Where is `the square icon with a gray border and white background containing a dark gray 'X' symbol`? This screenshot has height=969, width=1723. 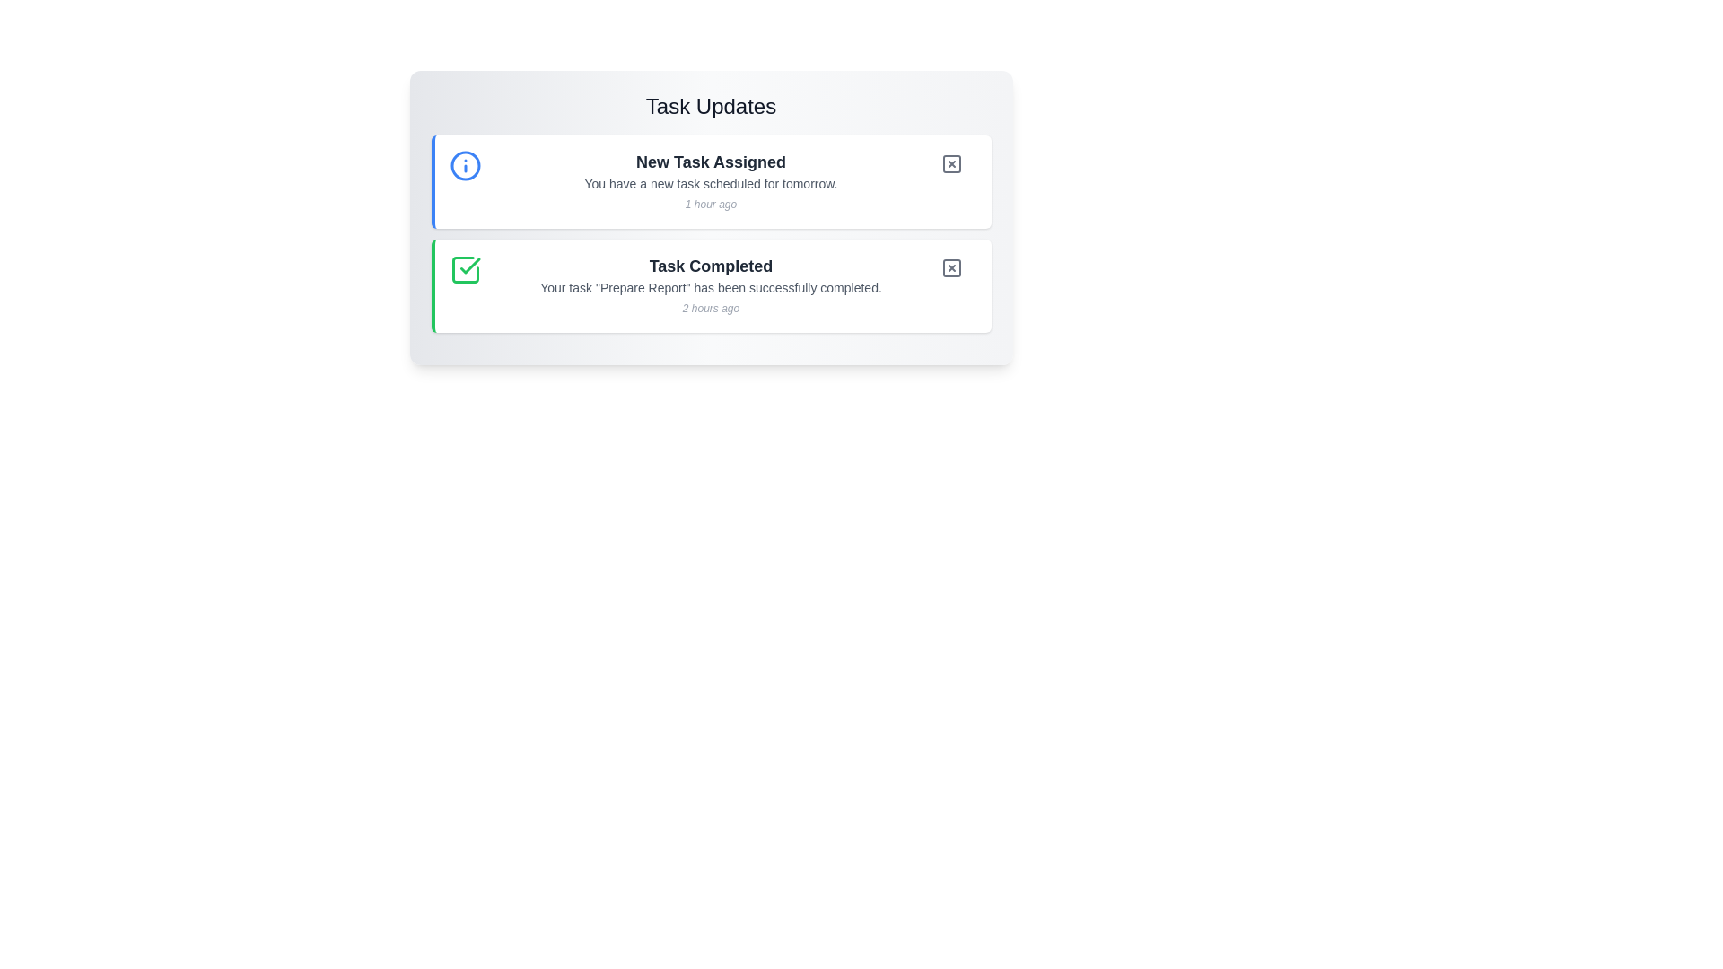
the square icon with a gray border and white background containing a dark gray 'X' symbol is located at coordinates (950, 268).